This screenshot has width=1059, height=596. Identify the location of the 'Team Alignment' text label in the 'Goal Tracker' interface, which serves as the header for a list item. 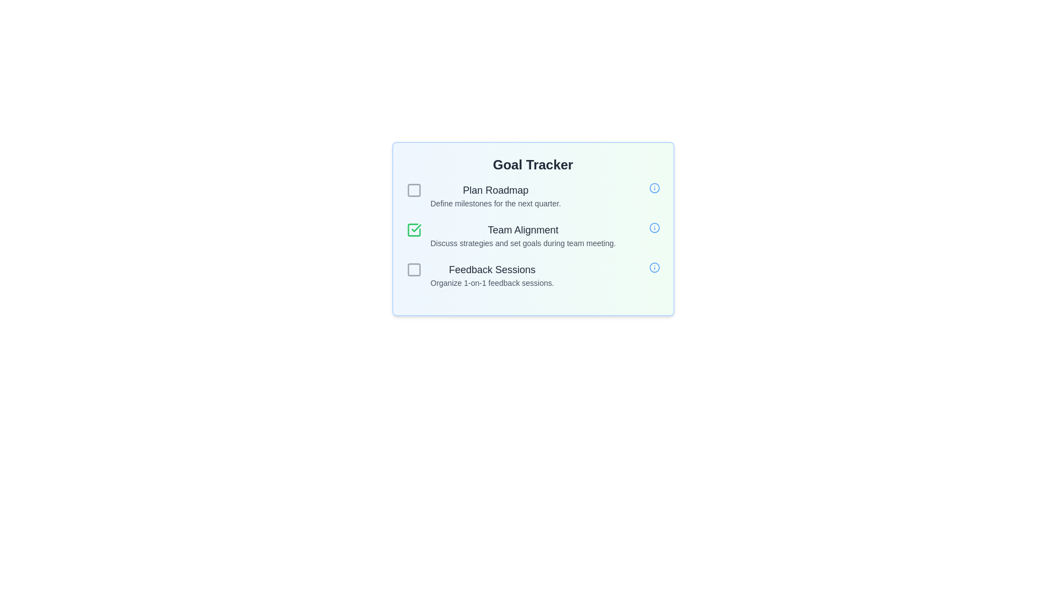
(522, 229).